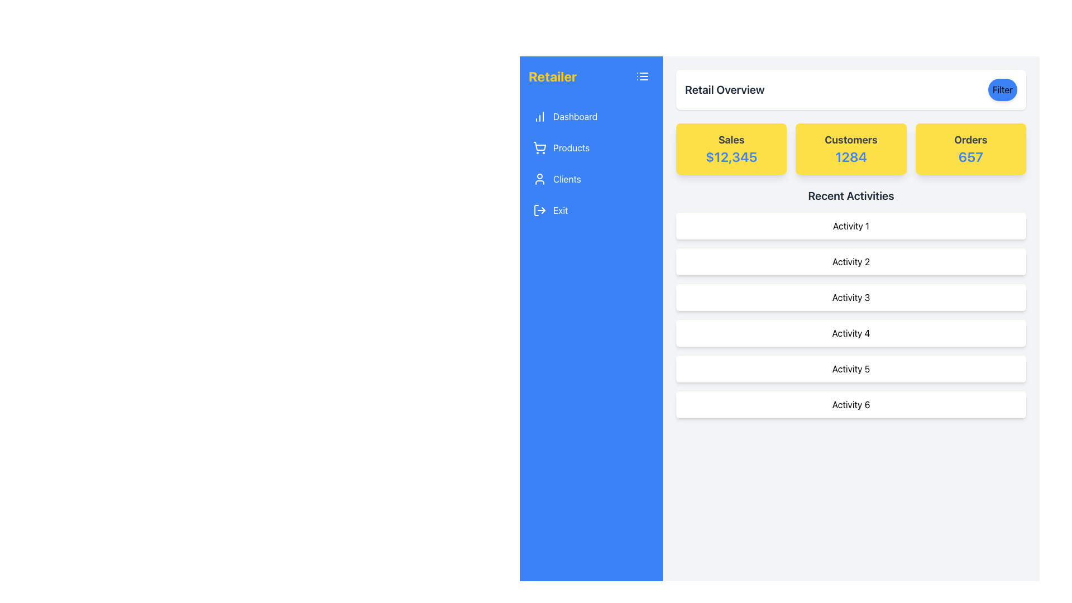 The image size is (1072, 603). What do you see at coordinates (591, 147) in the screenshot?
I see `the 'Products' button in the vertical menu` at bounding box center [591, 147].